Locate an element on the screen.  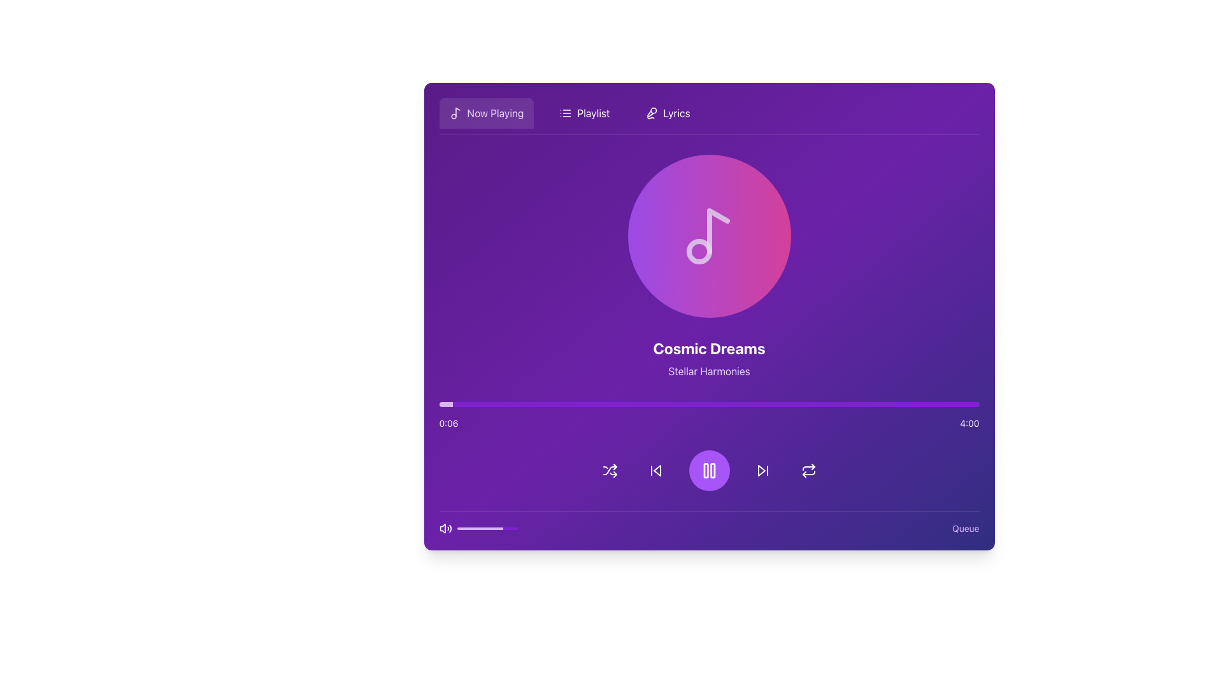
the playback position is located at coordinates (756, 405).